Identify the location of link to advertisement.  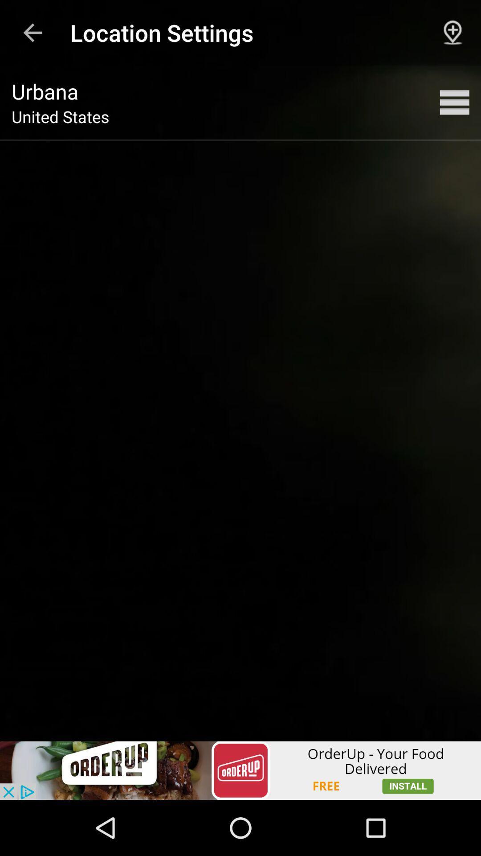
(240, 770).